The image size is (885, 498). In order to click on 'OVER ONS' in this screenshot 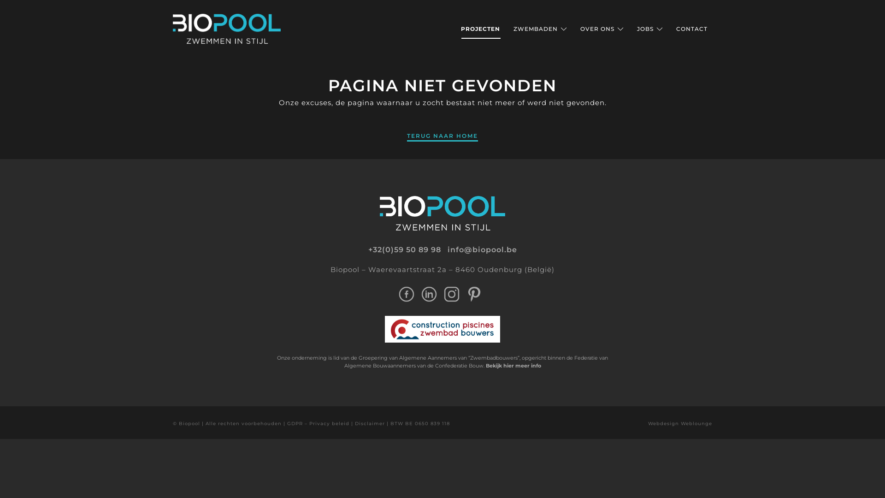, I will do `click(602, 28)`.